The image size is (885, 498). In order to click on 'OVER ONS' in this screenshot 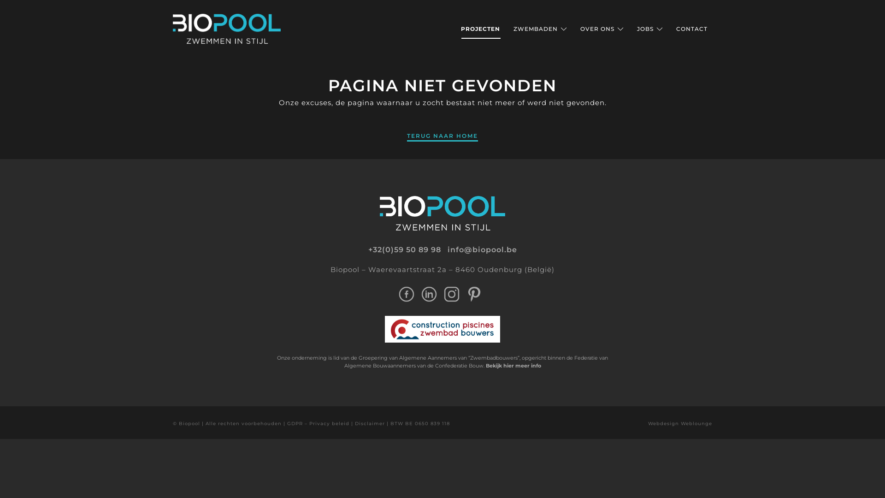, I will do `click(602, 28)`.